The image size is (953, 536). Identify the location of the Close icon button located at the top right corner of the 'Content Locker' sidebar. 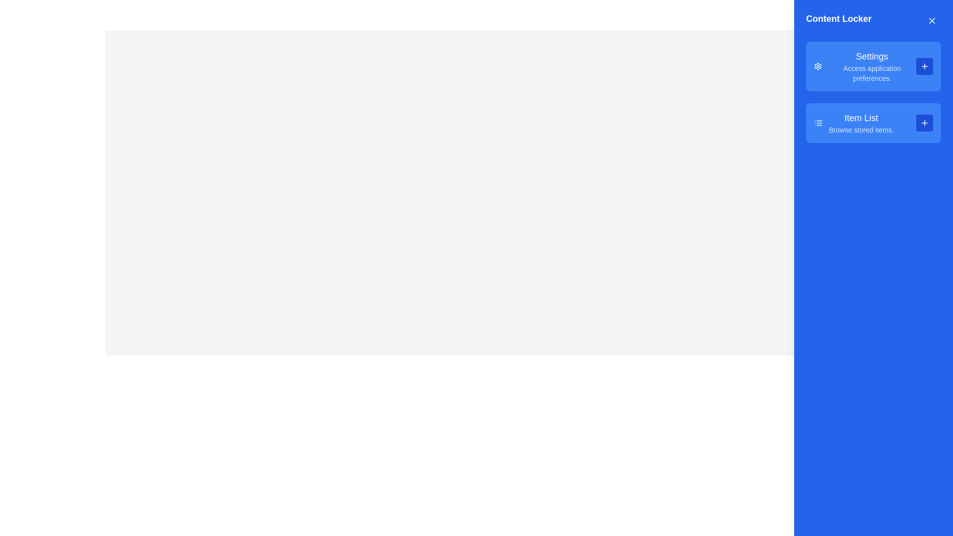
(931, 21).